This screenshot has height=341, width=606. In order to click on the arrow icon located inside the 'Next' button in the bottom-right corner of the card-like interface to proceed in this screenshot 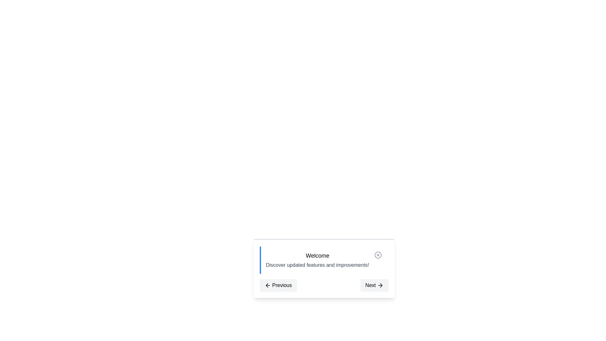, I will do `click(380, 285)`.